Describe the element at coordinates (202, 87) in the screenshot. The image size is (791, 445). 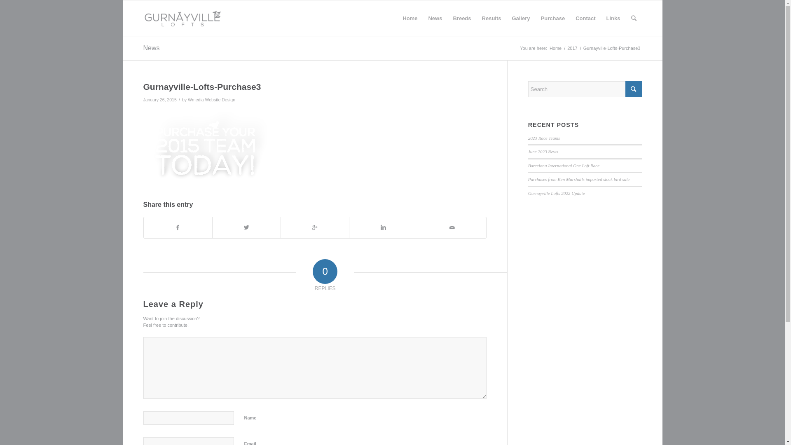
I see `'Gurnayville-Lofts-Purchase3'` at that location.